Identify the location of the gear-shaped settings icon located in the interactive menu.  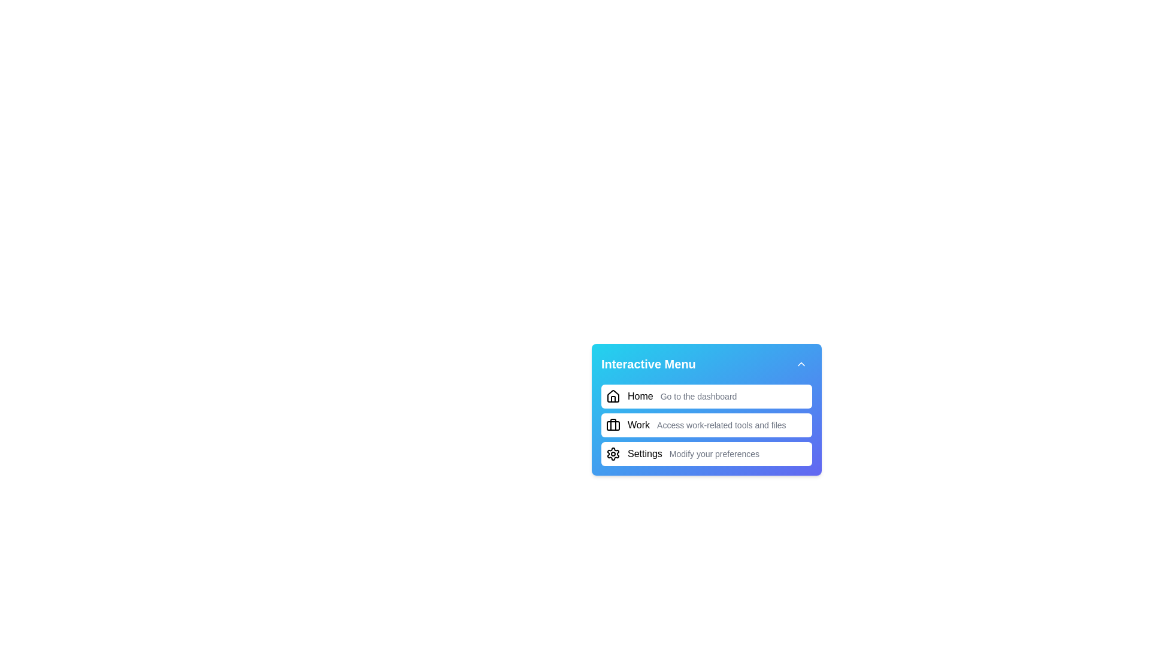
(613, 454).